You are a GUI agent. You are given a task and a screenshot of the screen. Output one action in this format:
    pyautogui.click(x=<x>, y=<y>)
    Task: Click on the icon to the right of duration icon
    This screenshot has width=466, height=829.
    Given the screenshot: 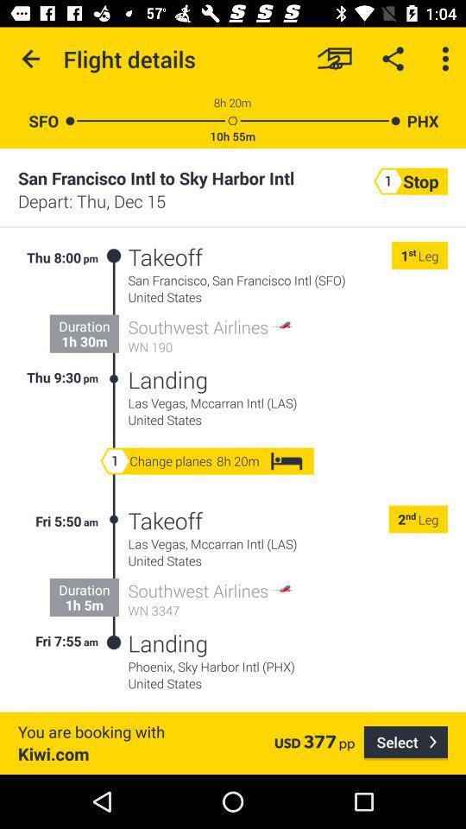 What is the action you would take?
    pyautogui.click(x=114, y=581)
    